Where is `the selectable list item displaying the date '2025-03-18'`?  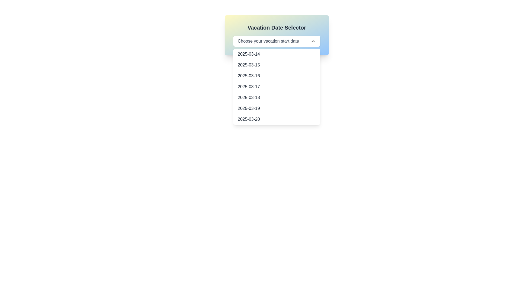 the selectable list item displaying the date '2025-03-18' is located at coordinates (277, 97).